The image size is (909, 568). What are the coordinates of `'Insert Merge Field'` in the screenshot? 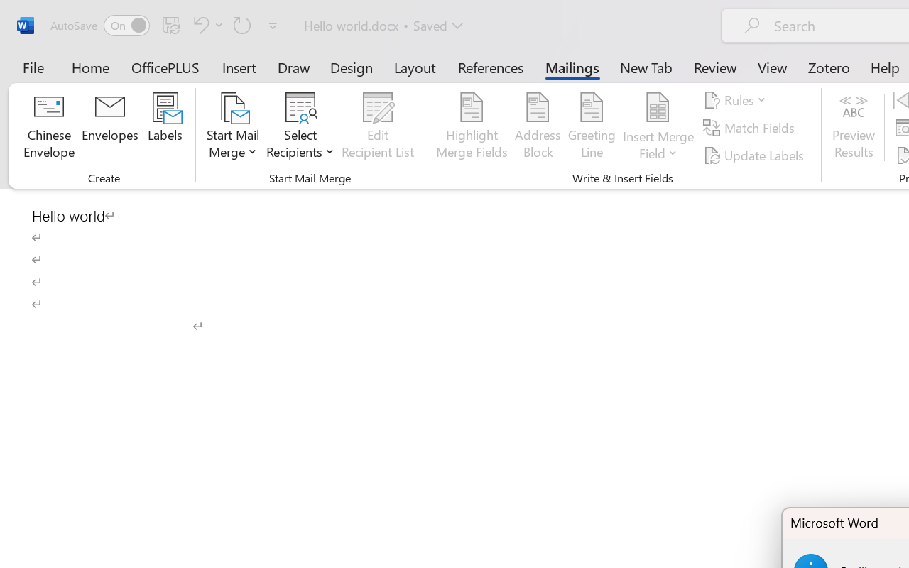 It's located at (658, 107).